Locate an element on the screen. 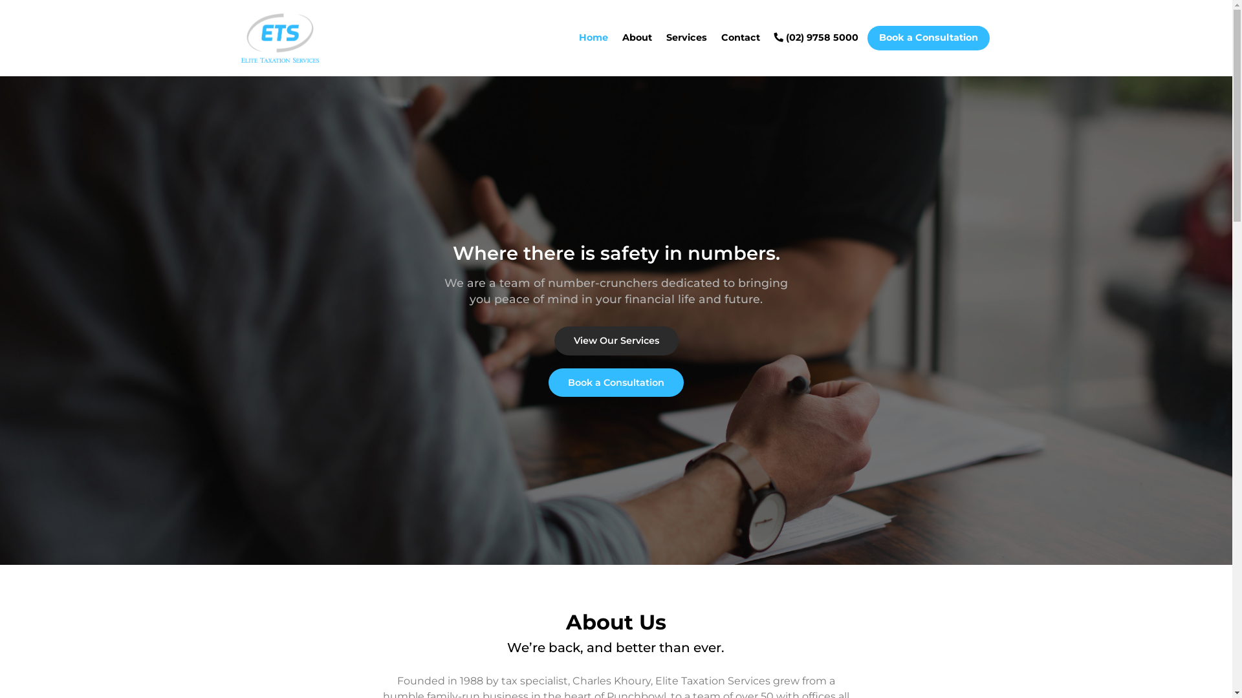  'Book a Consultation' is located at coordinates (927, 37).